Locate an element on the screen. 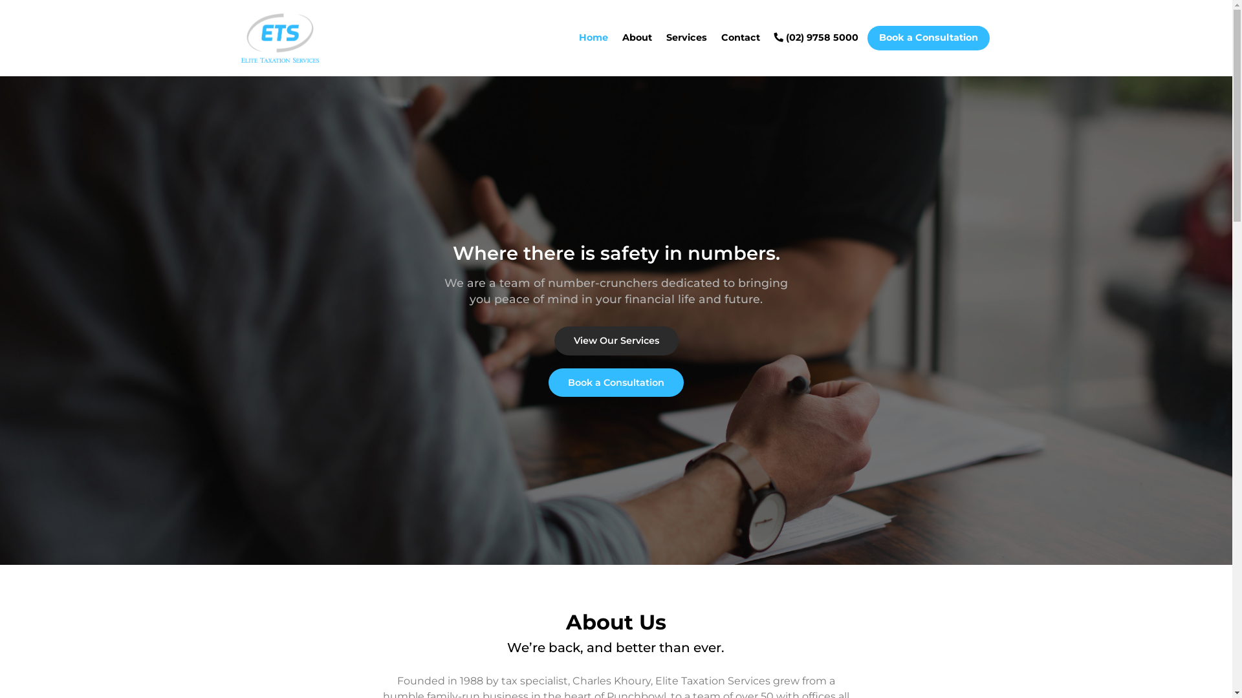  'Book a Consultation' is located at coordinates (927, 37).